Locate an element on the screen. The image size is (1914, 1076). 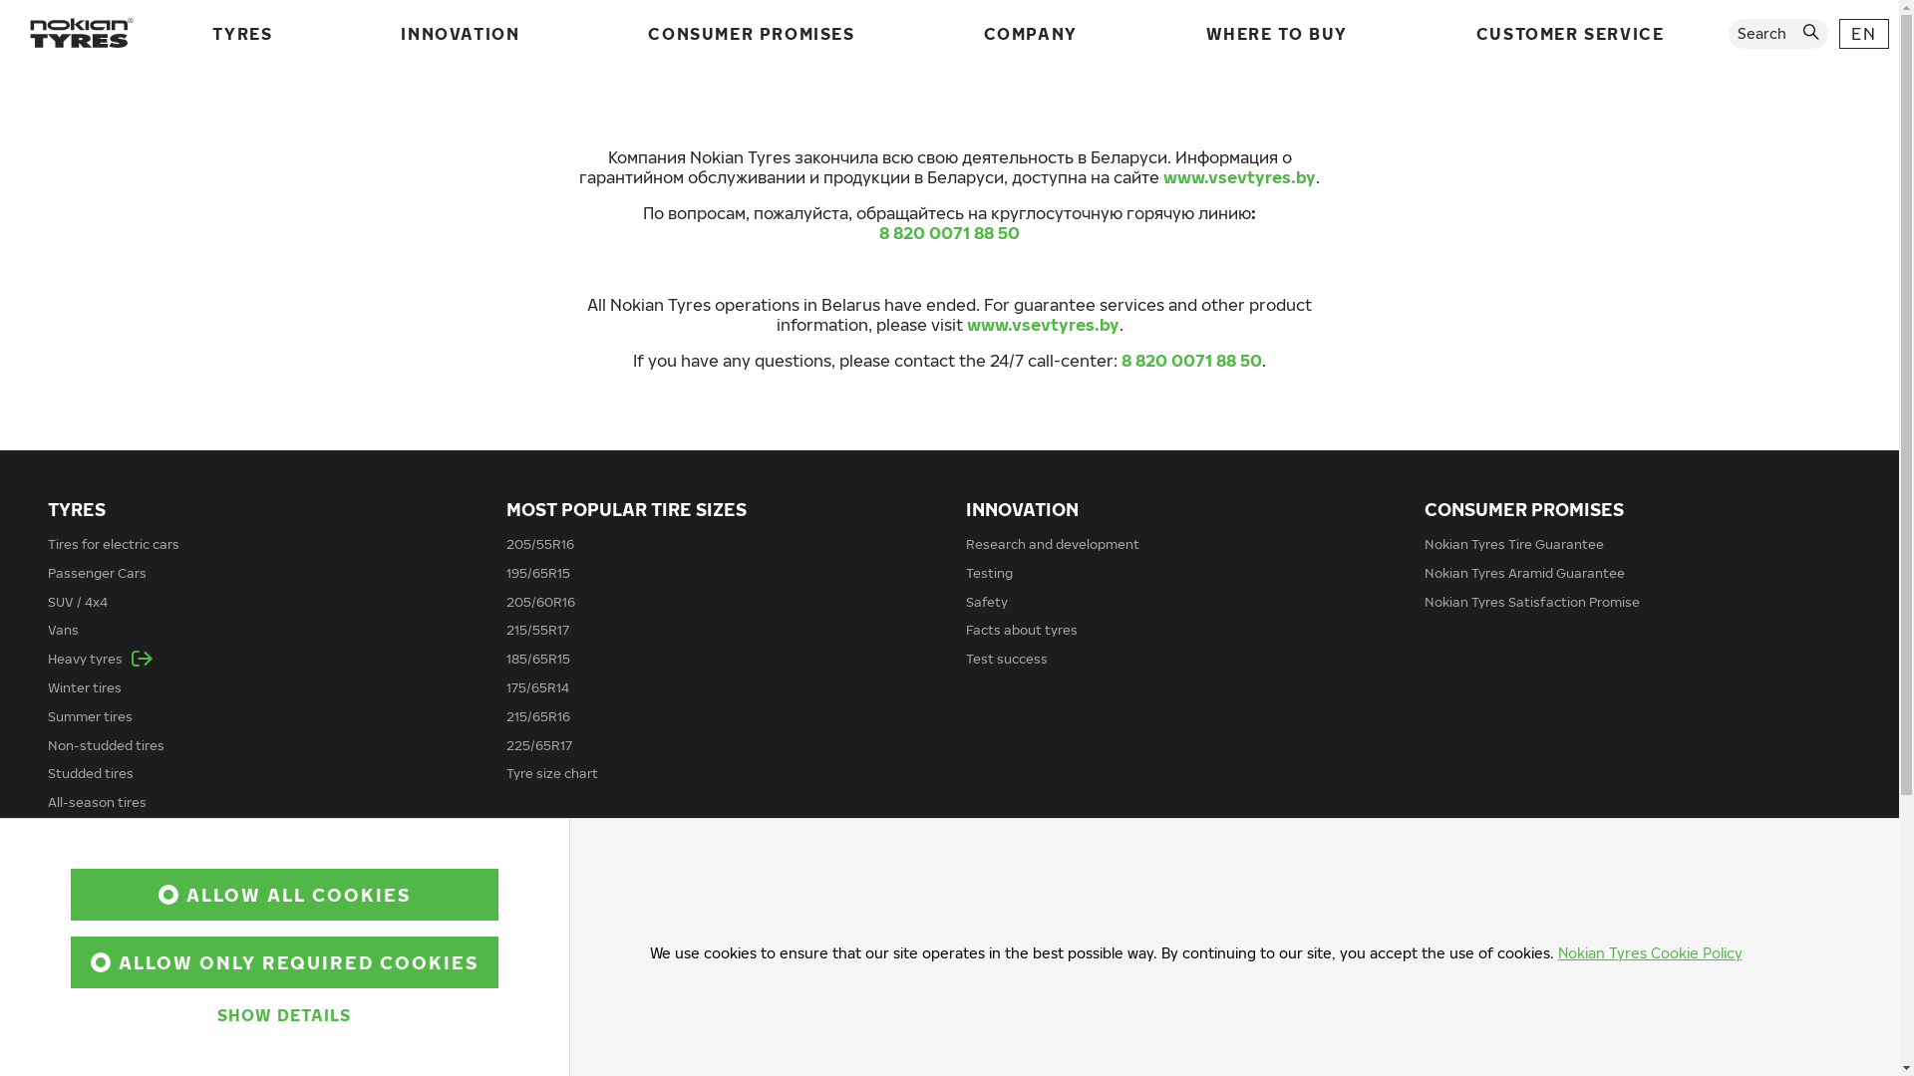
'175/65R14' is located at coordinates (537, 686).